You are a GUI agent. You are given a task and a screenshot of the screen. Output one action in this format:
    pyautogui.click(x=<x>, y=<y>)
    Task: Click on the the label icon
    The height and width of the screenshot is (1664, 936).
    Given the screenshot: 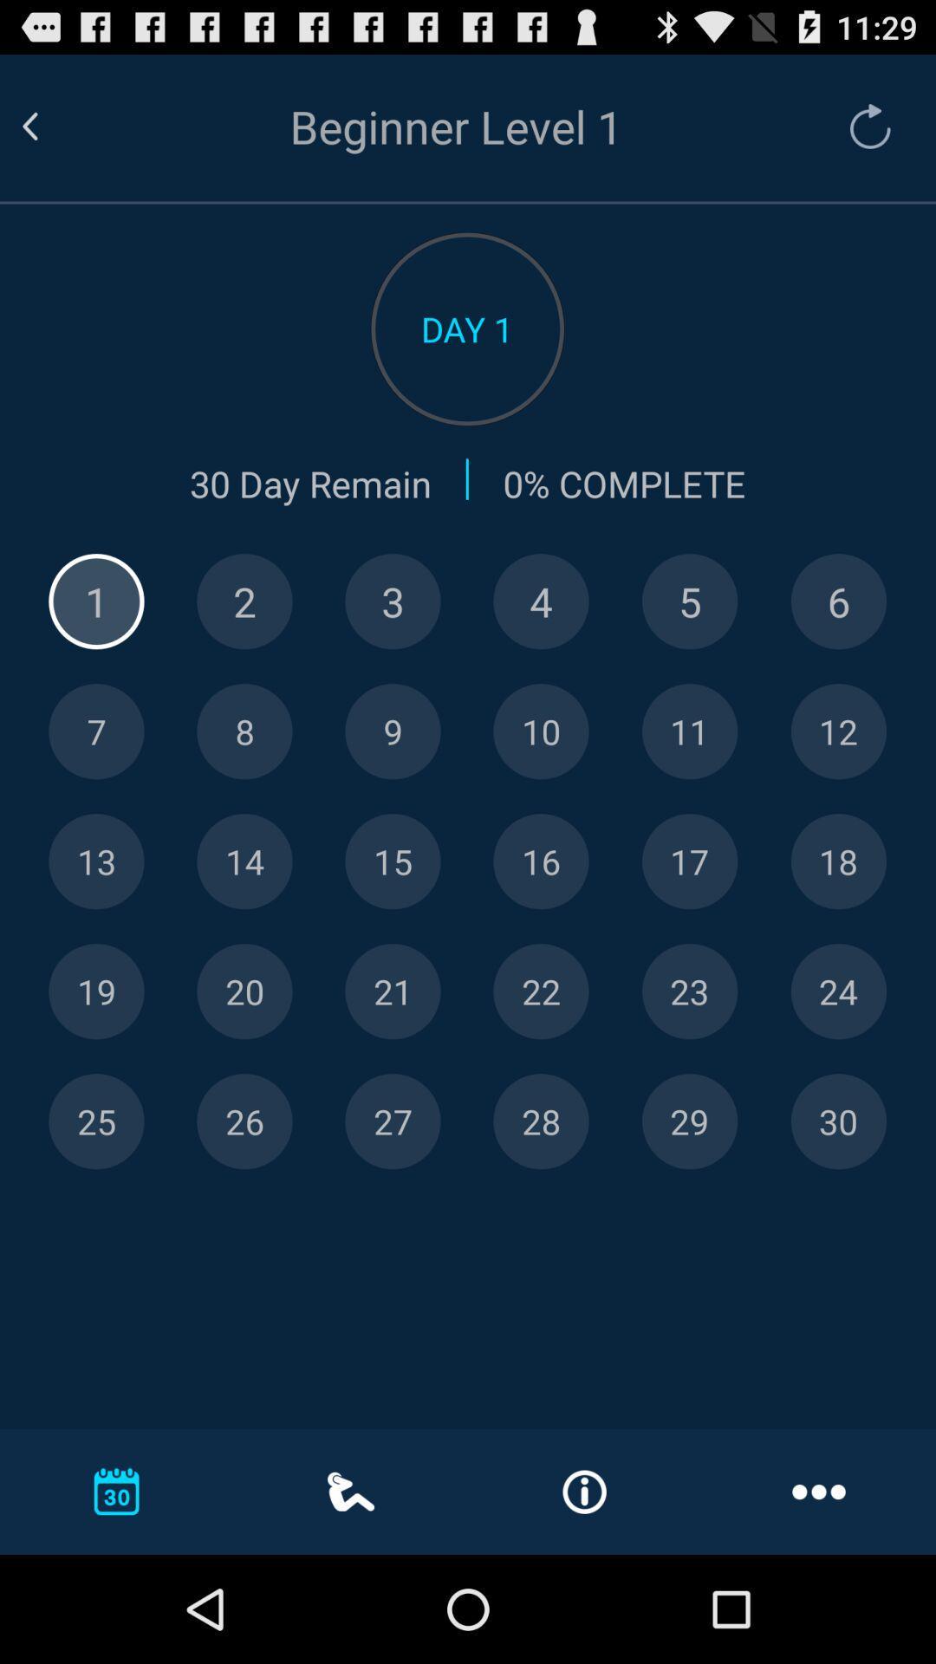 What is the action you would take?
    pyautogui.click(x=540, y=1060)
    